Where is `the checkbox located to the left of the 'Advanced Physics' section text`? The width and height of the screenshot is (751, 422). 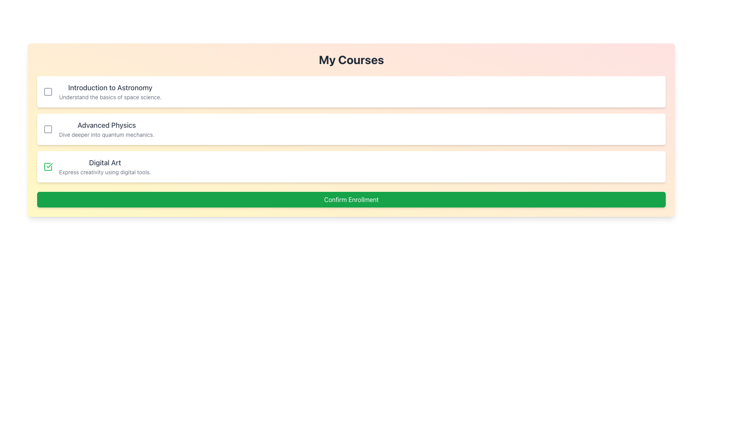
the checkbox located to the left of the 'Advanced Physics' section text is located at coordinates (48, 129).